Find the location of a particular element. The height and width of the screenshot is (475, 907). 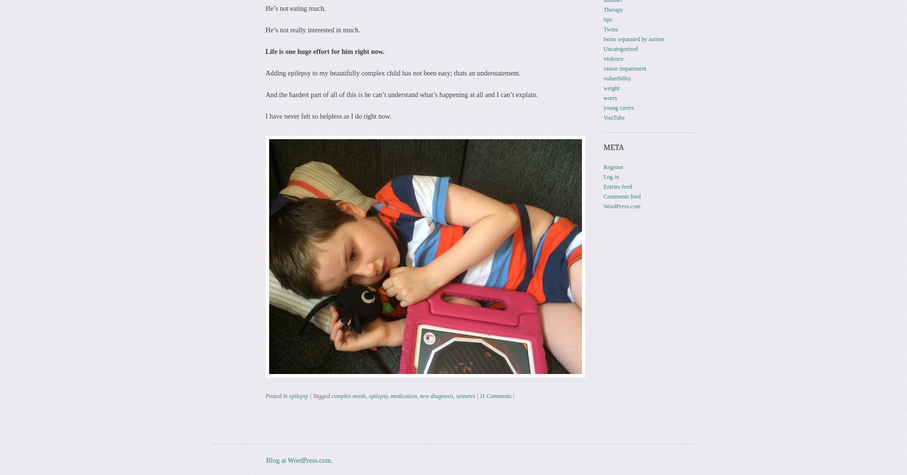

'complex needs' is located at coordinates (348, 395).